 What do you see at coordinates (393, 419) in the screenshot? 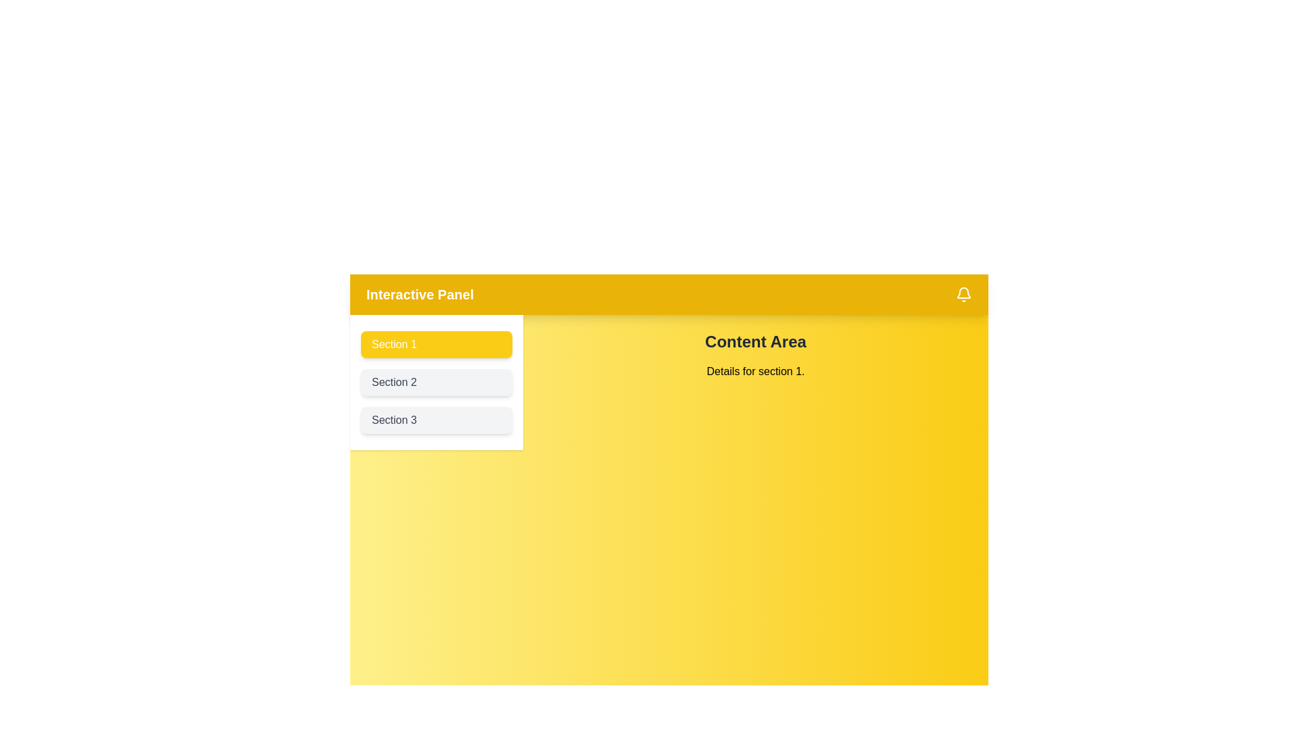
I see `the text label indicating 'Section 3' in the left-side panel of the UI, which serves as an indicator for the third section in a vertical list` at bounding box center [393, 419].